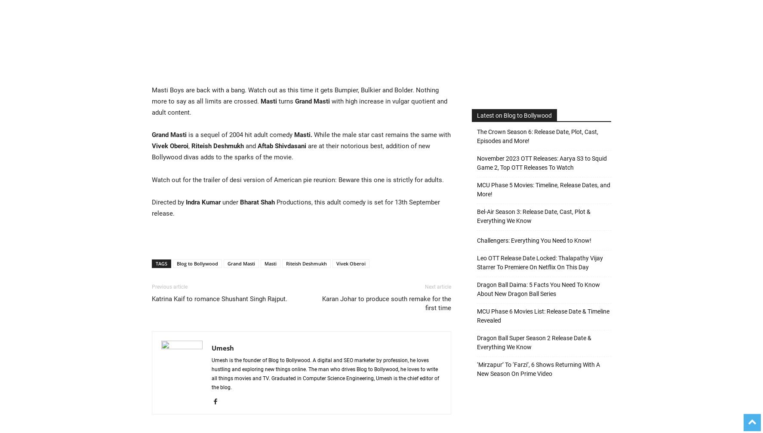 The width and height of the screenshot is (763, 433). I want to click on '‘Mirzapur’ To ‘Farzi’, 6 Shows Returning With A New Season On Prime Video', so click(476, 369).